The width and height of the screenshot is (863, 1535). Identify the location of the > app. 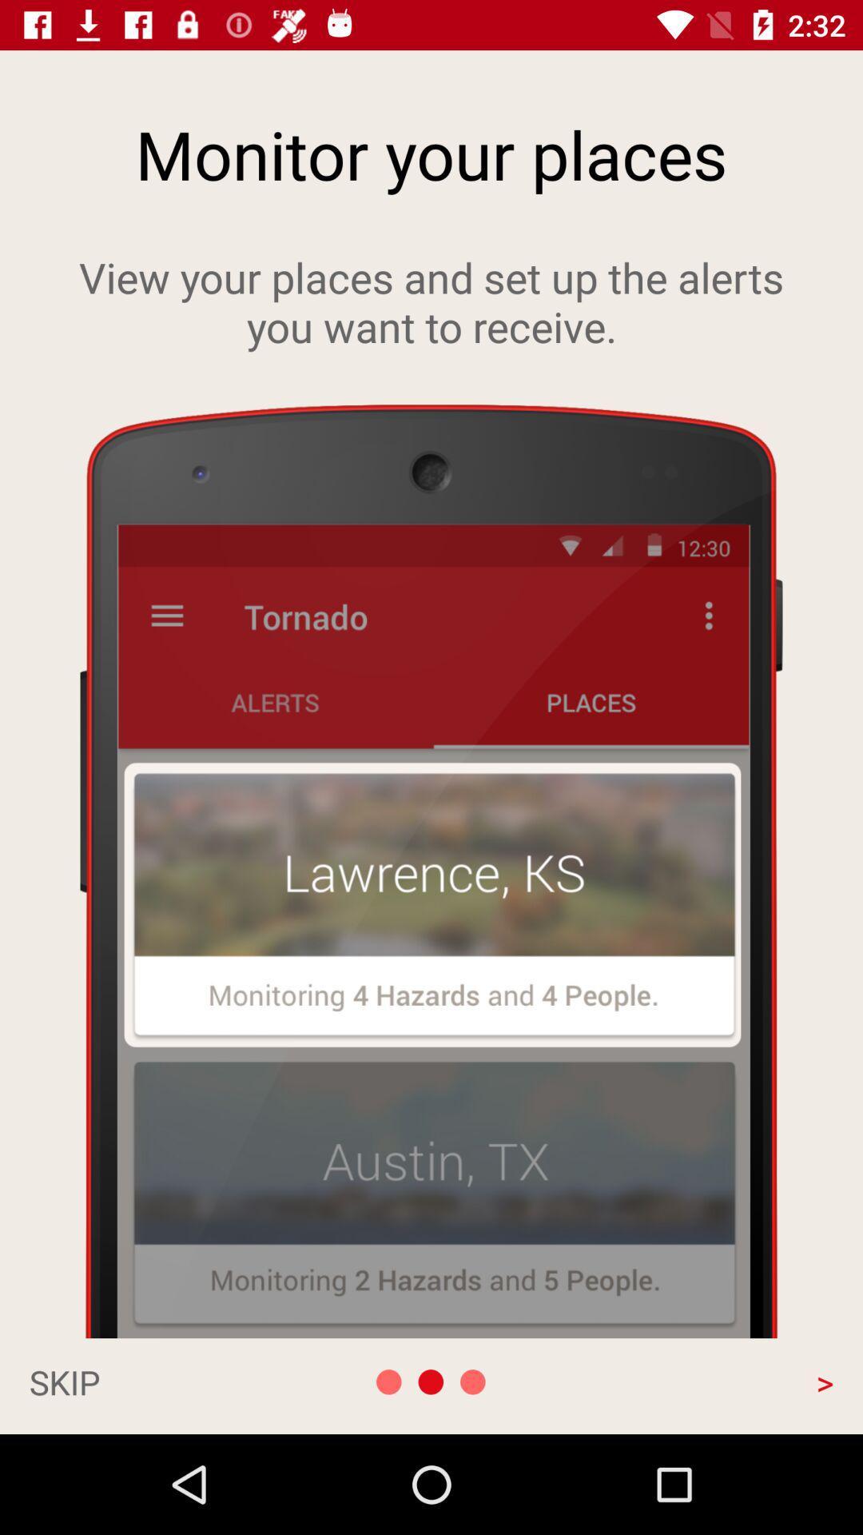
(712, 1381).